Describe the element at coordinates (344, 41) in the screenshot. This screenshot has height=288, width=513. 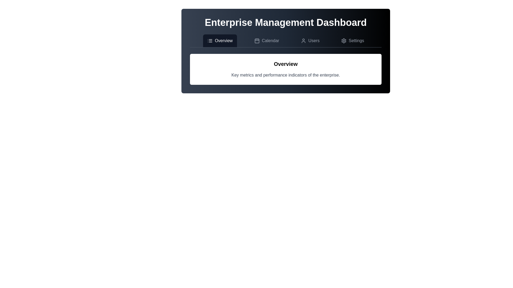
I see `the gear-shaped icon (SVG image) located to the left of the 'Settings' label in the navigation bar` at that location.